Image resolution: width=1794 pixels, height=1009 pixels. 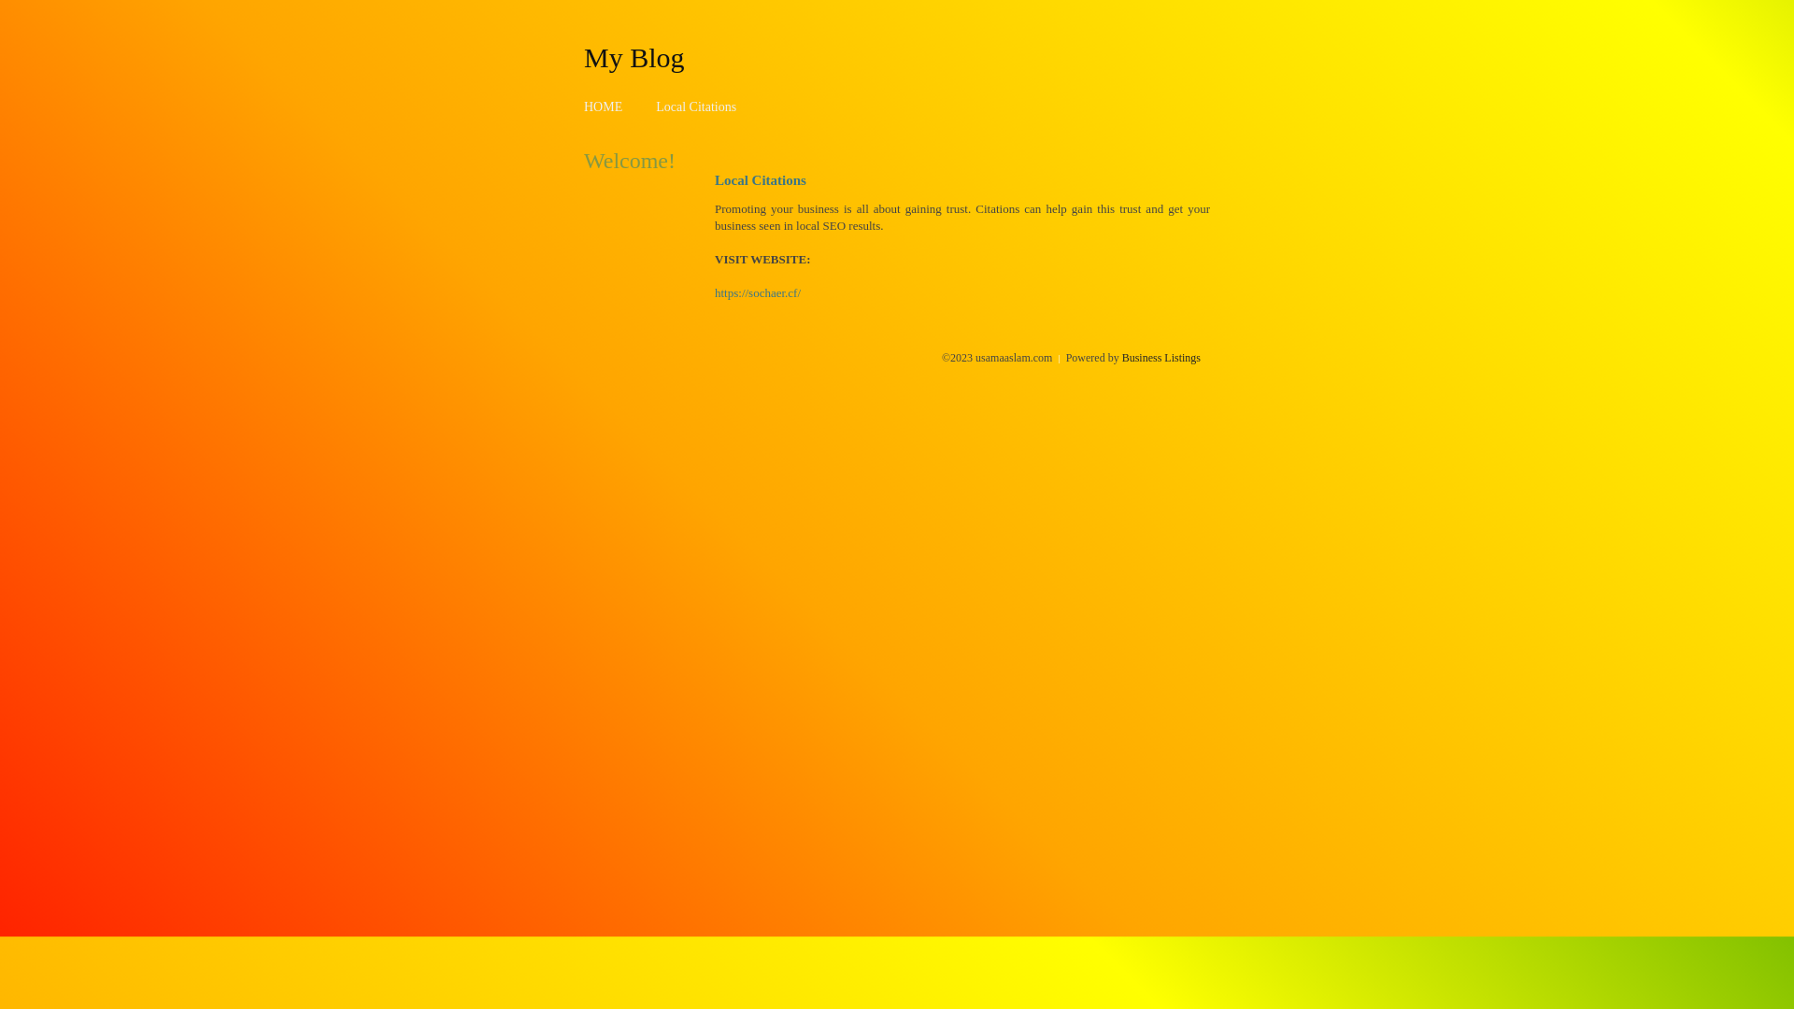 I want to click on 'Local Citations', so click(x=694, y=107).